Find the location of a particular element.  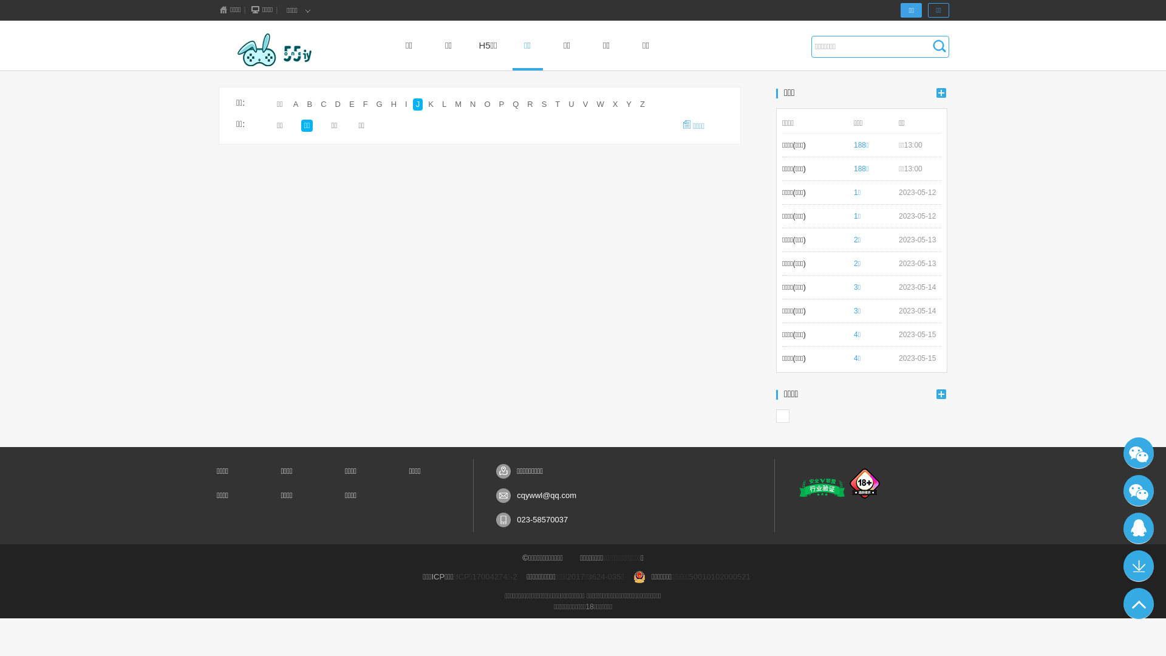

'K' is located at coordinates (431, 104).